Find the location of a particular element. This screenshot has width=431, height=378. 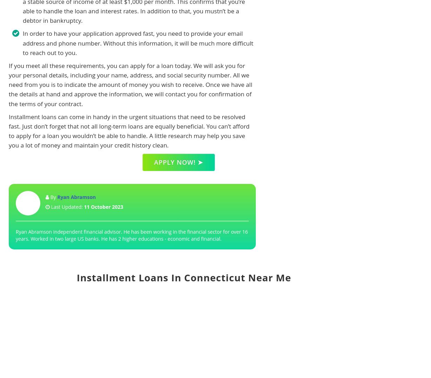

'In order to have your application approved fast, you need to provide your email address and phone number. Without this information, it will be much more difficult to reach out to you.' is located at coordinates (137, 43).